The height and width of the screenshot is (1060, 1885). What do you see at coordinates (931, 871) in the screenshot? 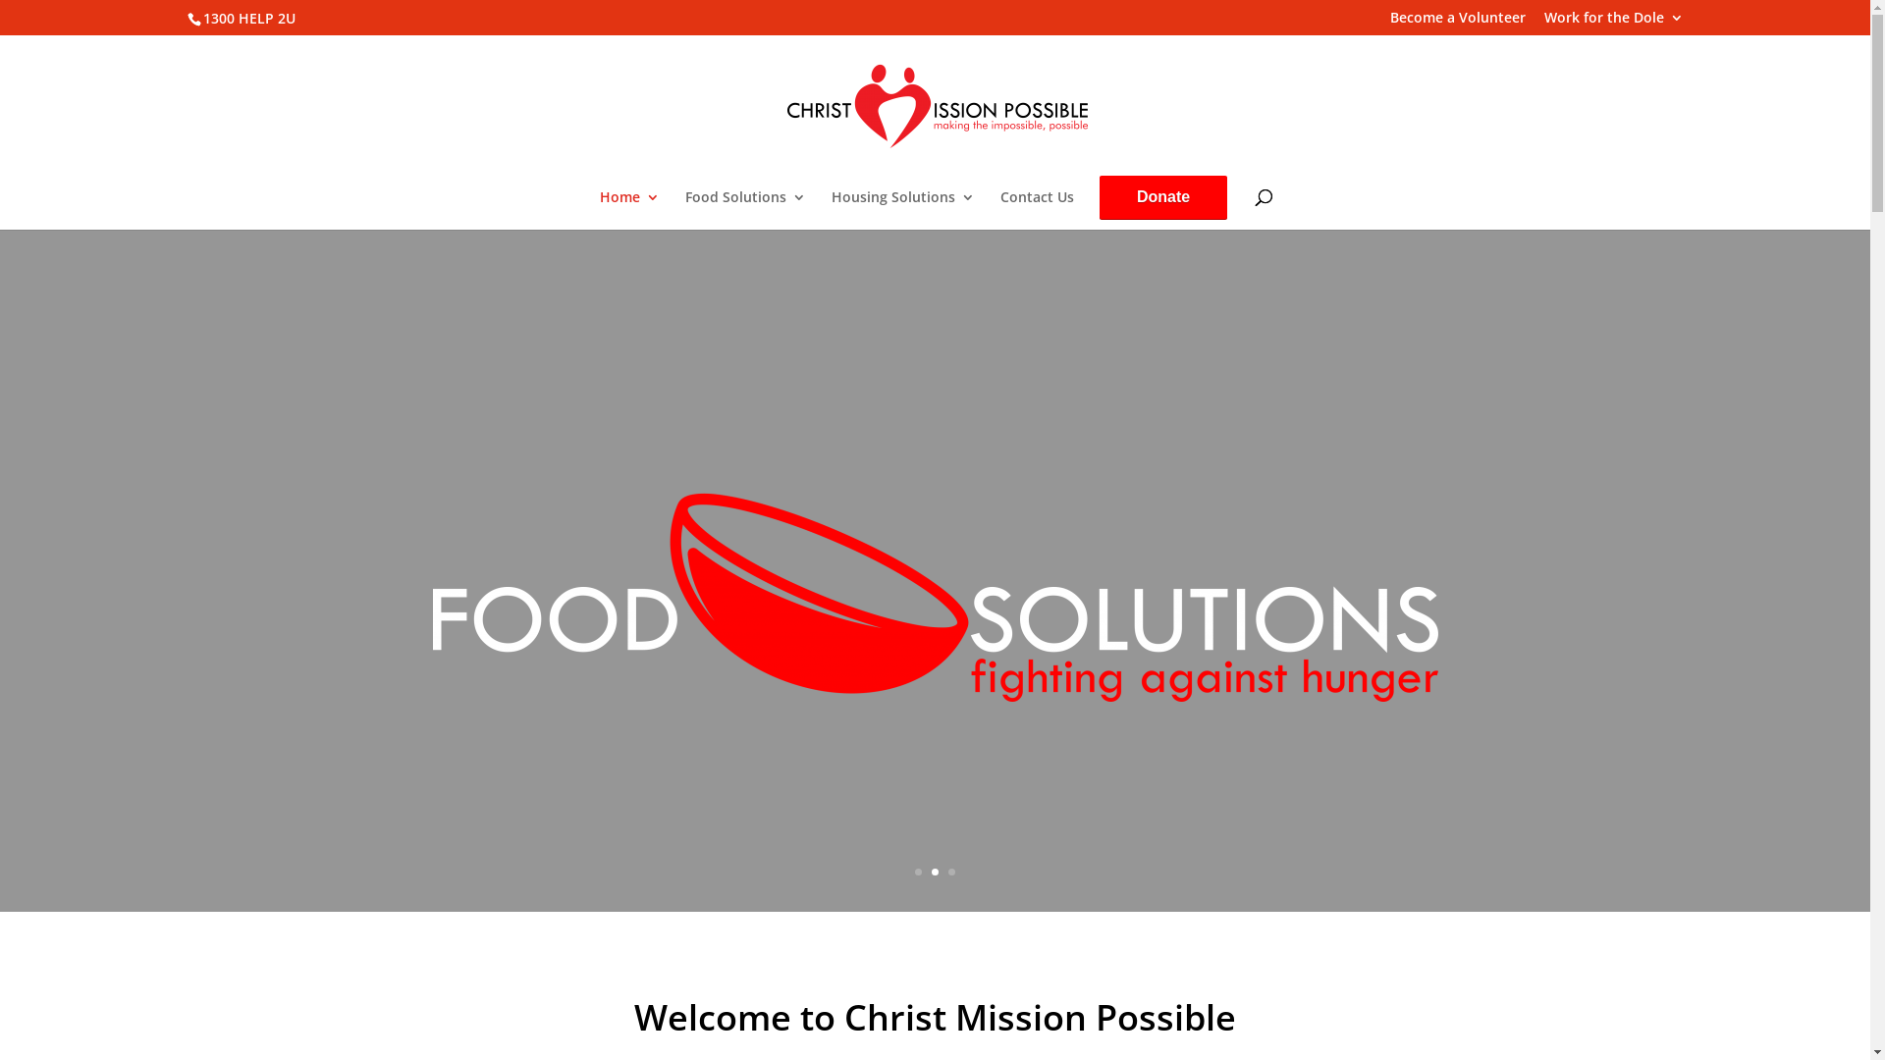
I see `'2'` at bounding box center [931, 871].